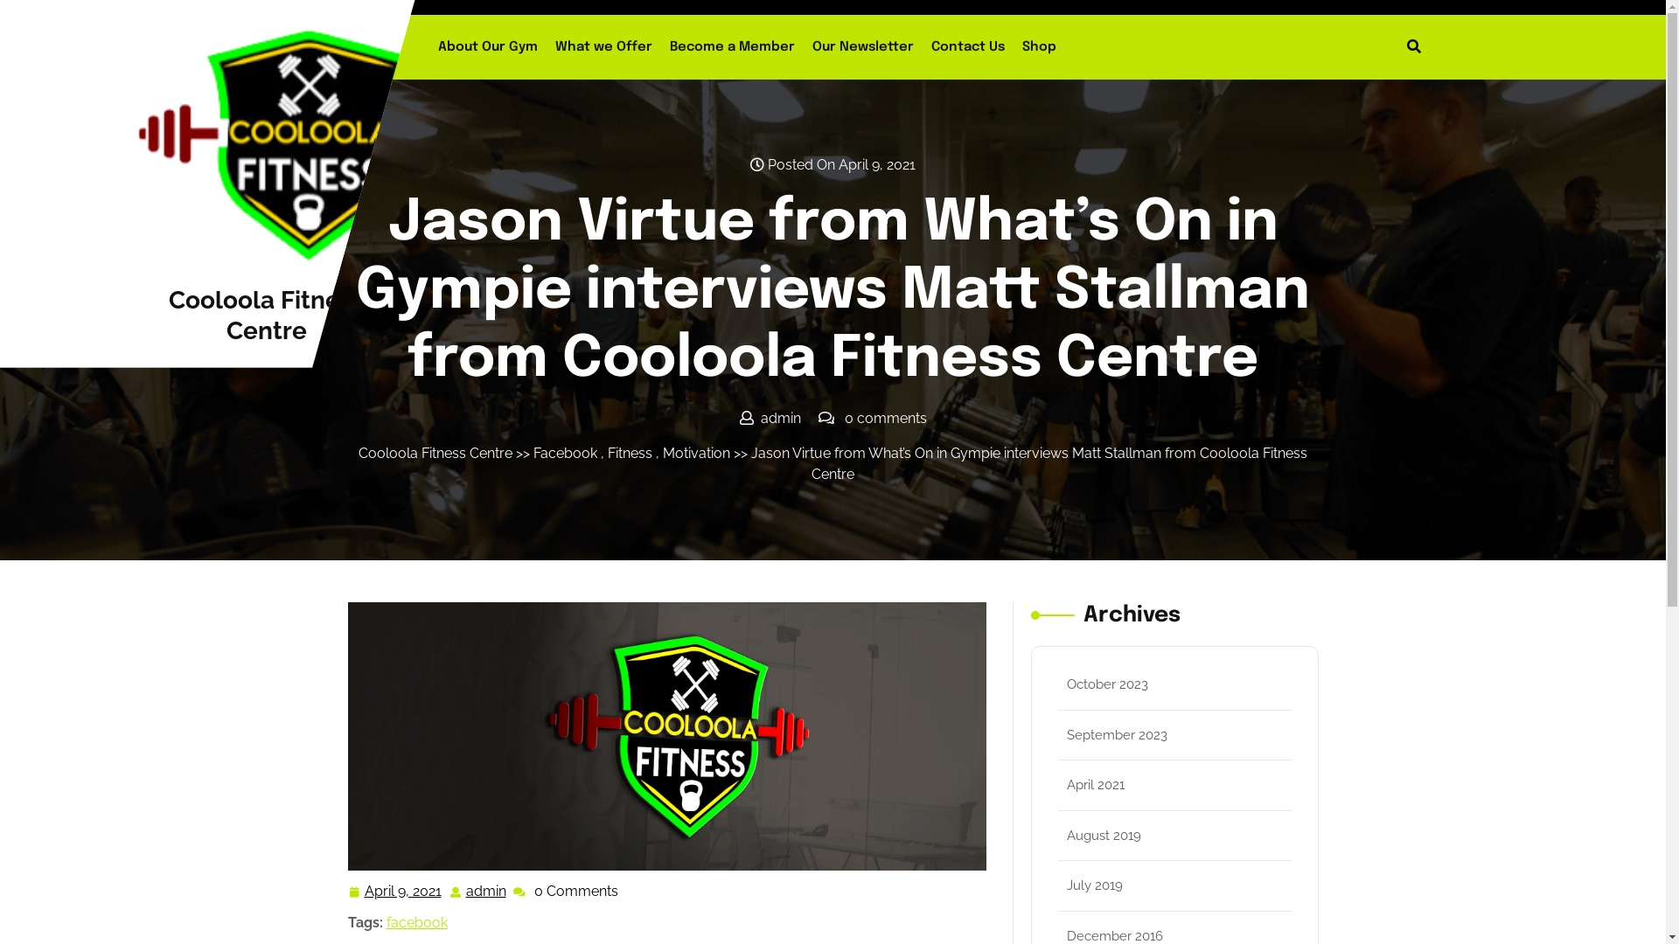 The image size is (1679, 944). Describe the element at coordinates (565, 452) in the screenshot. I see `'Facebook'` at that location.